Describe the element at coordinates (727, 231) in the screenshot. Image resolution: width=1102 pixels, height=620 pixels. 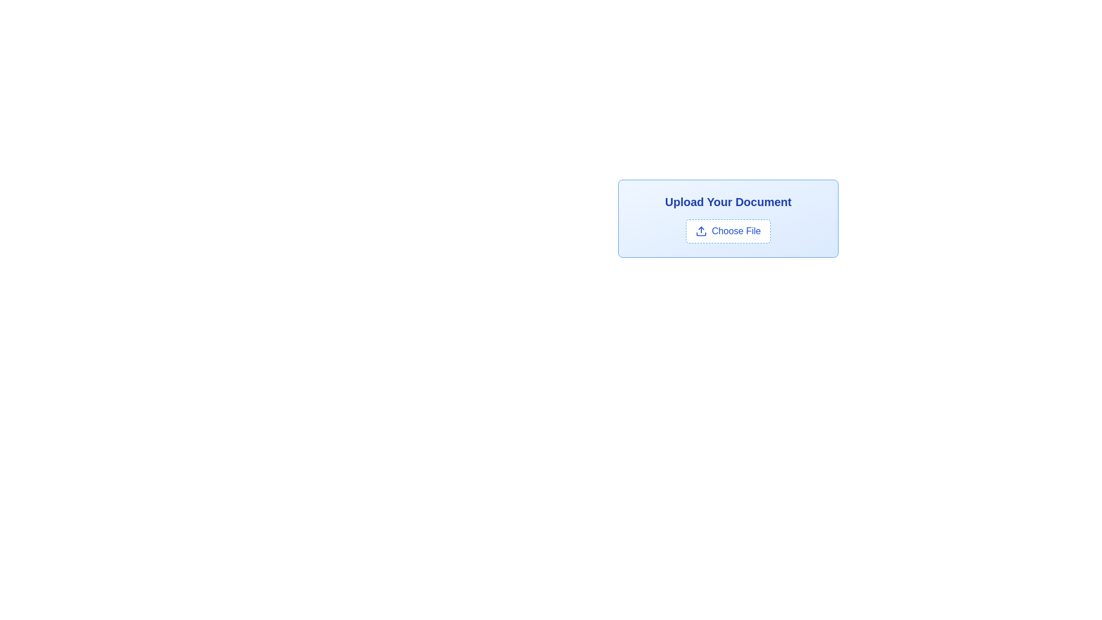
I see `the 'Choose File' button` at that location.